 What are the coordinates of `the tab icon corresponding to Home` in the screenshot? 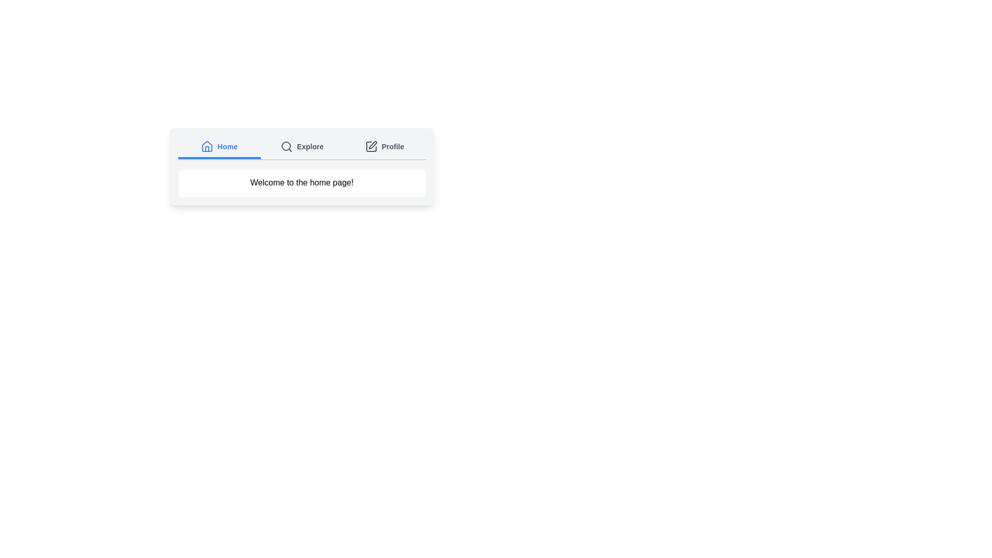 It's located at (207, 147).